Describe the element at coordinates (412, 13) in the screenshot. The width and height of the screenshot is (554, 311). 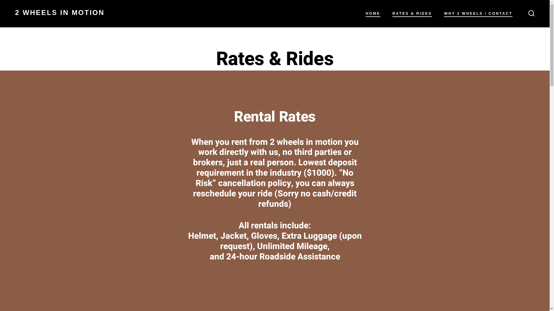
I see `'RATES & RIDES'` at that location.